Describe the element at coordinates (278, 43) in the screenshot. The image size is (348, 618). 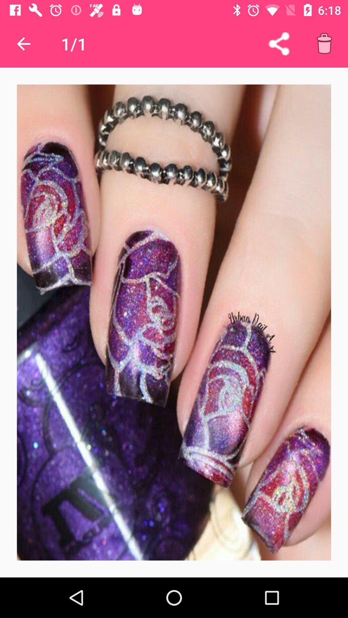
I see `share options` at that location.